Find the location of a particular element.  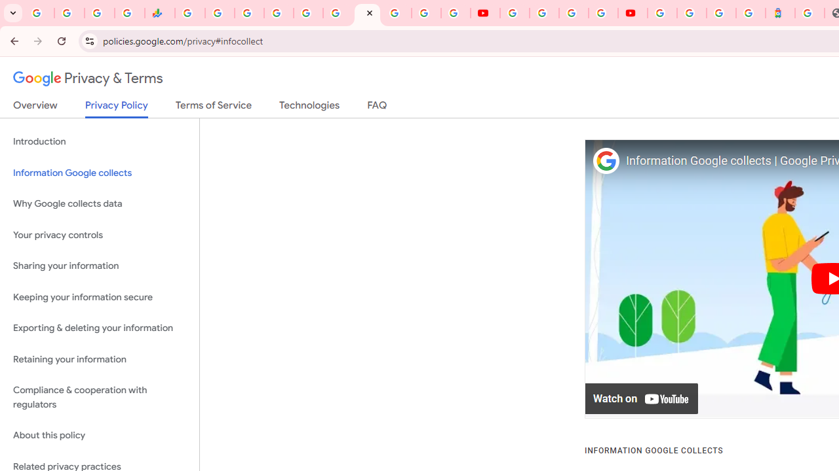

'Privacy & Terms' is located at coordinates (88, 78).